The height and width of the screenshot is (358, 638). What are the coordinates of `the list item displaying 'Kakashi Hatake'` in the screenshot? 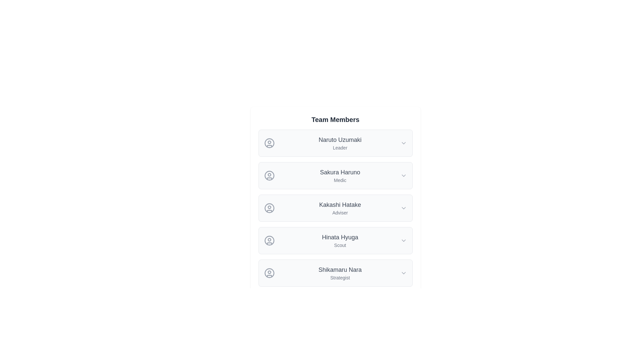 It's located at (335, 208).